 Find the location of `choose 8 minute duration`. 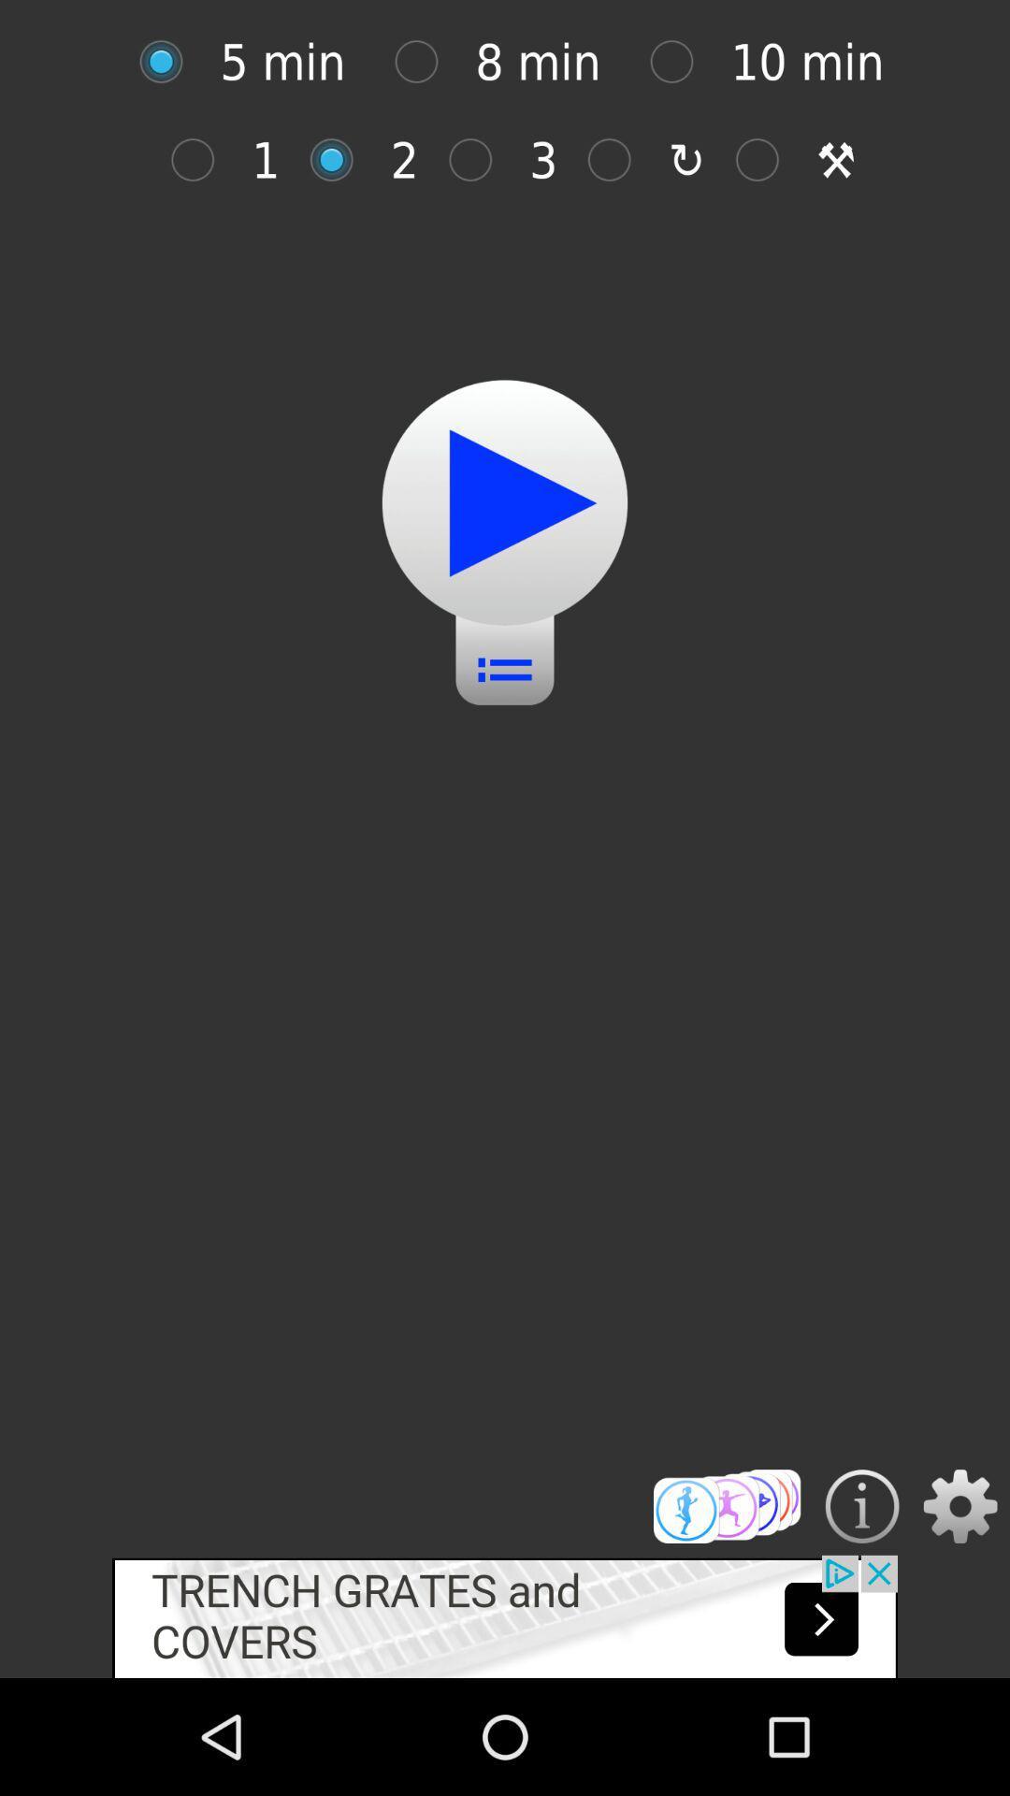

choose 8 minute duration is located at coordinates (426, 62).